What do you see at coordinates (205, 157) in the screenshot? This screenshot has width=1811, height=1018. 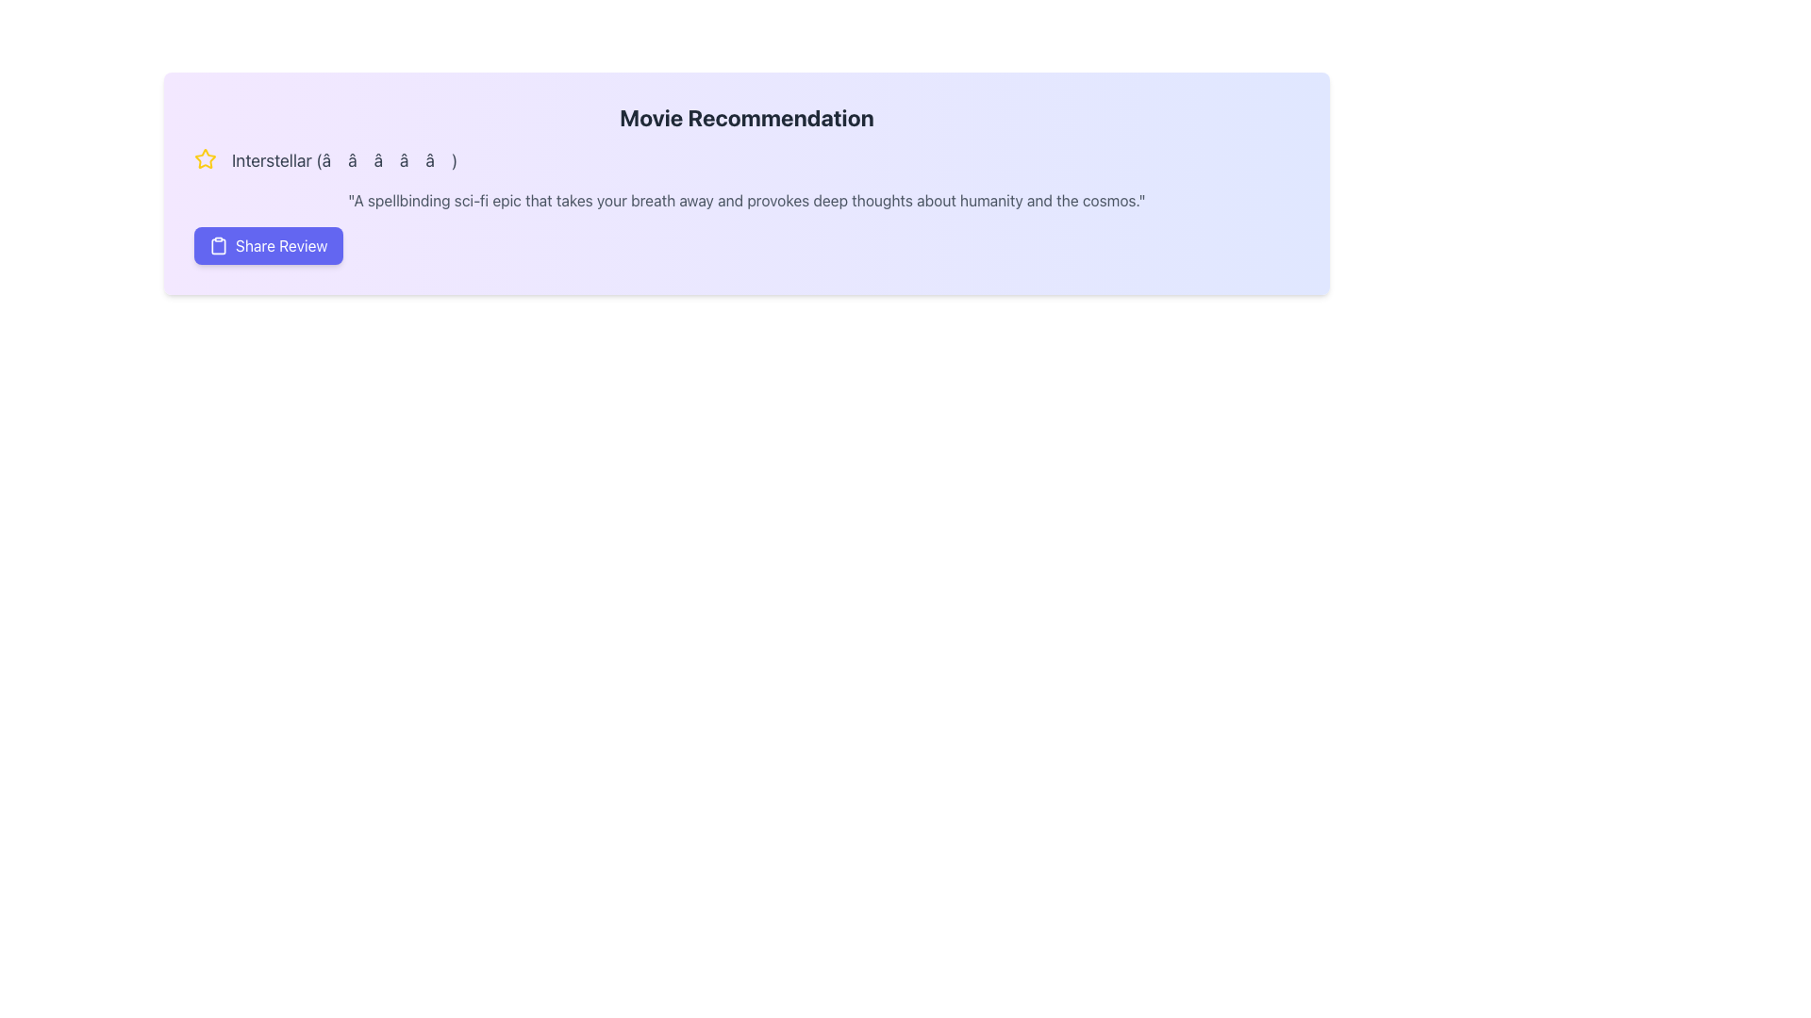 I see `the first star icon in the rating system` at bounding box center [205, 157].